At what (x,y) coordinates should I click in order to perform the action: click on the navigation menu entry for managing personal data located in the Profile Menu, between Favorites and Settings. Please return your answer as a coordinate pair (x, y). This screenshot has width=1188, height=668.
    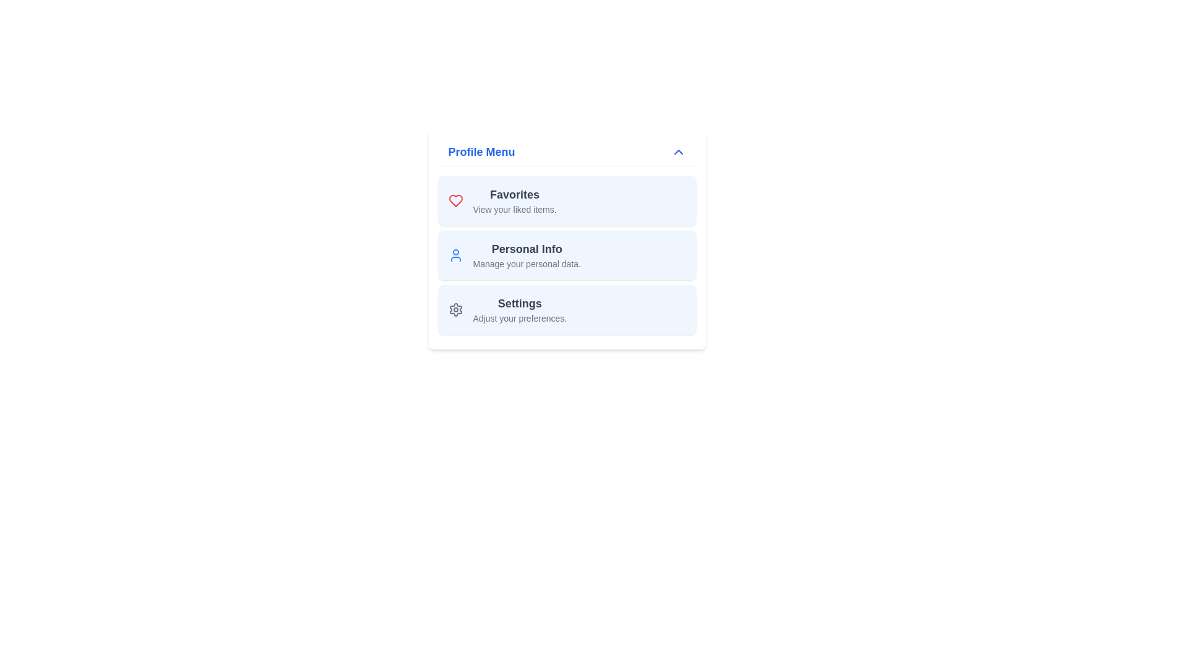
    Looking at the image, I should click on (527, 254).